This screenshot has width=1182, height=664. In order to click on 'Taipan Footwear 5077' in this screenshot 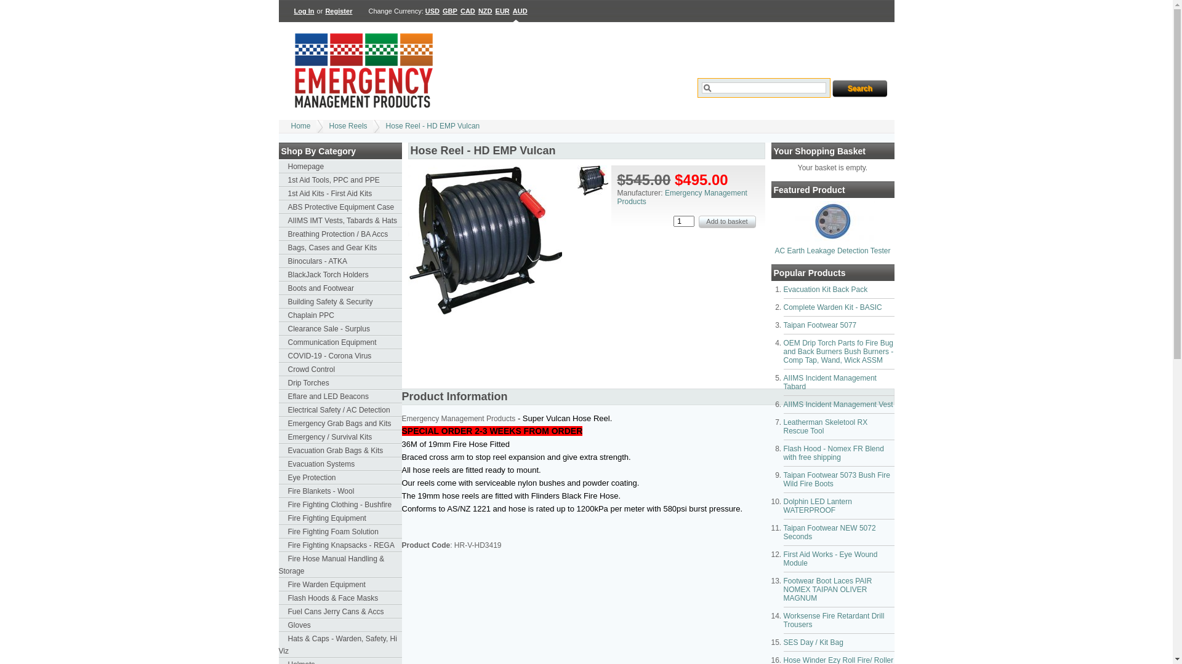, I will do `click(819, 324)`.